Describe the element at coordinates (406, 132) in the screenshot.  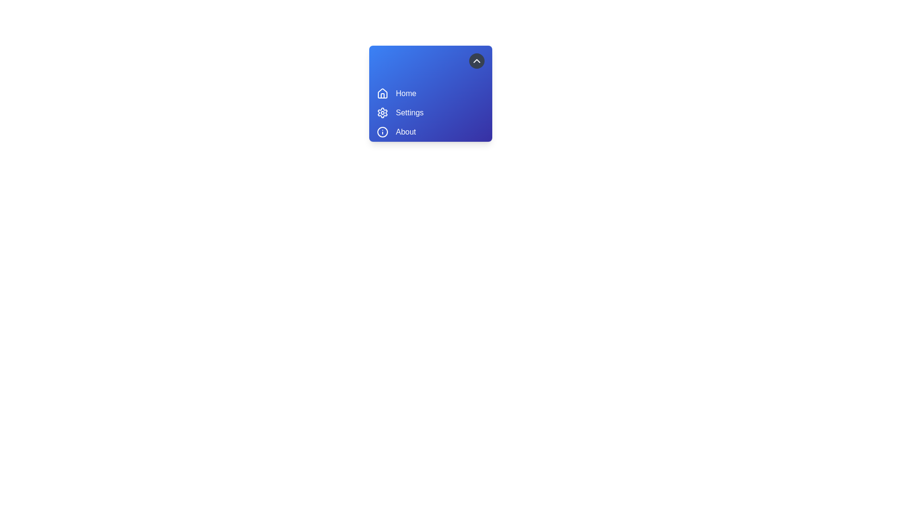
I see `the third item in the dropdown menu labeled 'About'` at that location.